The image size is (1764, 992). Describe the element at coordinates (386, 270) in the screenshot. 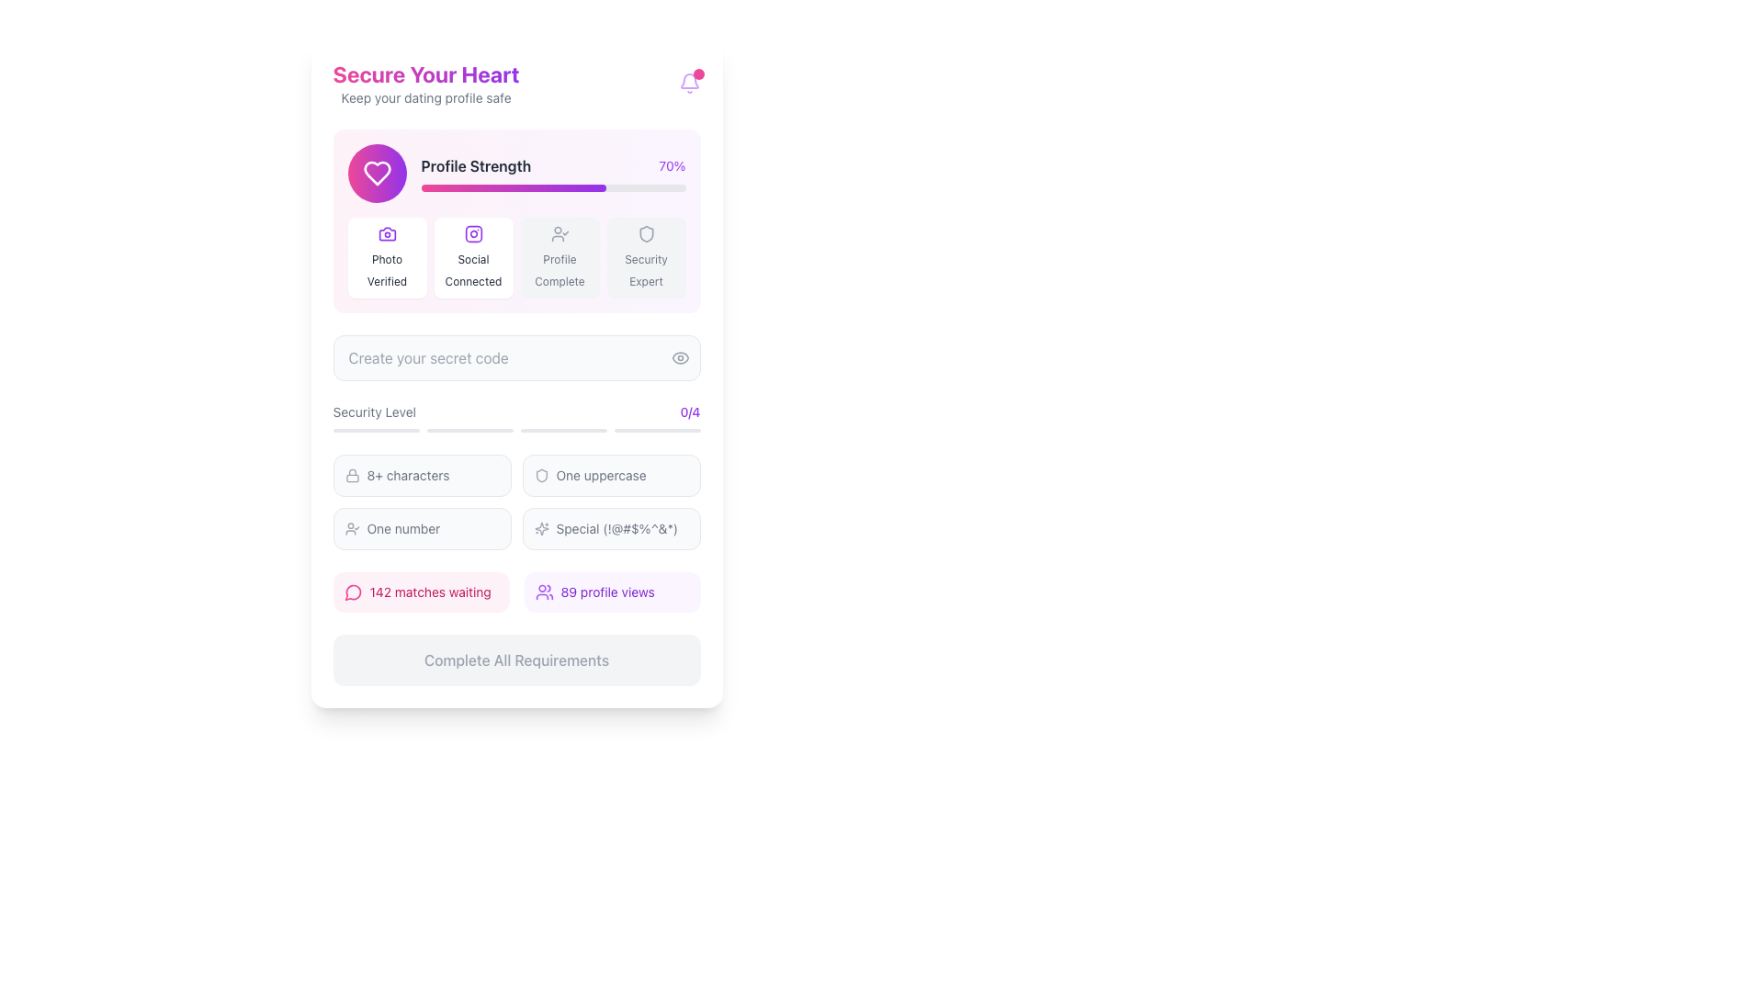

I see `the 'Photo Verified' text label element, which is styled with a gray font and positioned under a camera icon in the first card of the 'Profile Strength' section` at that location.